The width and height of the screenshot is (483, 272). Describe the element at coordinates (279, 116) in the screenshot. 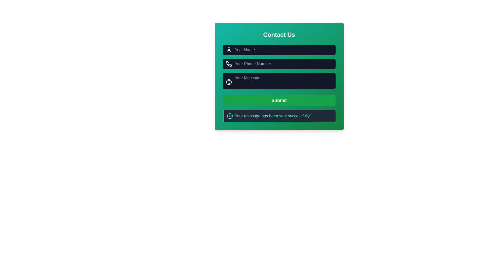

I see `the Notification message box that displays a confirmation message after form submission, located directly below the 'Submit' button` at that location.